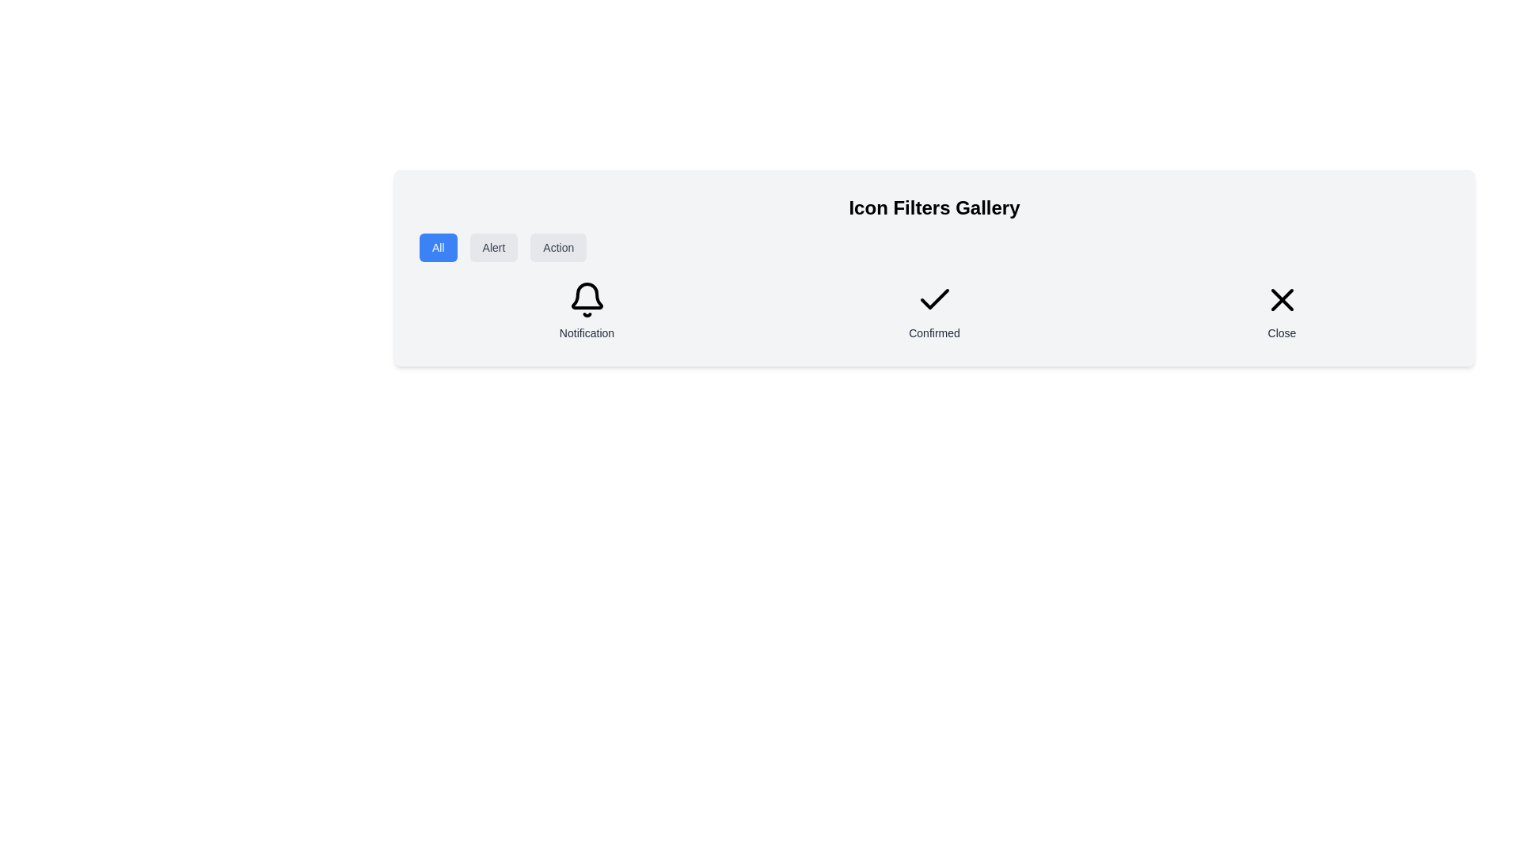 Image resolution: width=1520 pixels, height=855 pixels. What do you see at coordinates (934, 311) in the screenshot?
I see `the middle section of the status indicator labeled 'Confirmed' with a checkmark icon, which is positioned in the 'Icon Filters Gallery' interface` at bounding box center [934, 311].